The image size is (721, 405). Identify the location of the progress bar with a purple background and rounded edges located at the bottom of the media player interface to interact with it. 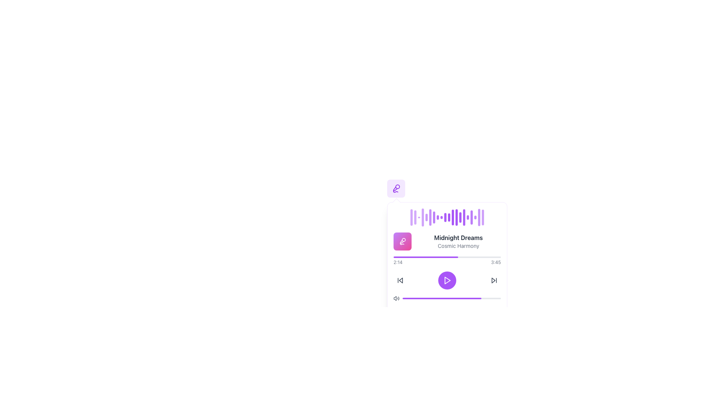
(442, 298).